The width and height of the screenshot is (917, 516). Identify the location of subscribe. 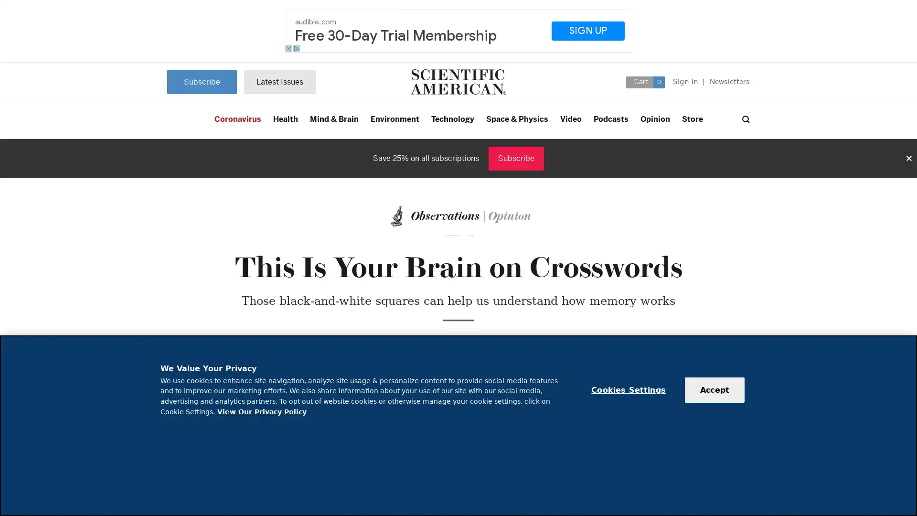
(201, 81).